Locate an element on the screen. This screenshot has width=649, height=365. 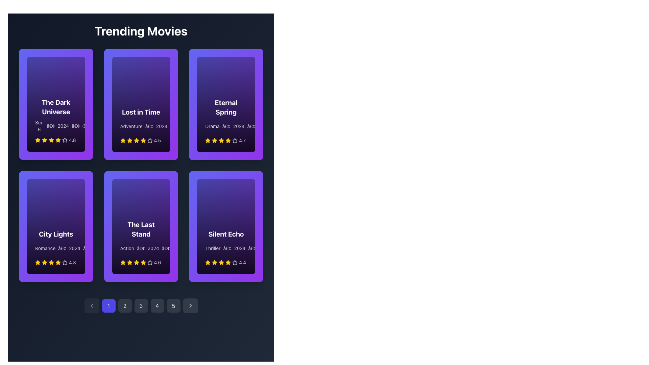
the Rating display element which consists of a row of yellow star icons and a numeric rating value of '4.3' located in the 'City Lights' movie card under the 'Trending Movies' section is located at coordinates (56, 262).